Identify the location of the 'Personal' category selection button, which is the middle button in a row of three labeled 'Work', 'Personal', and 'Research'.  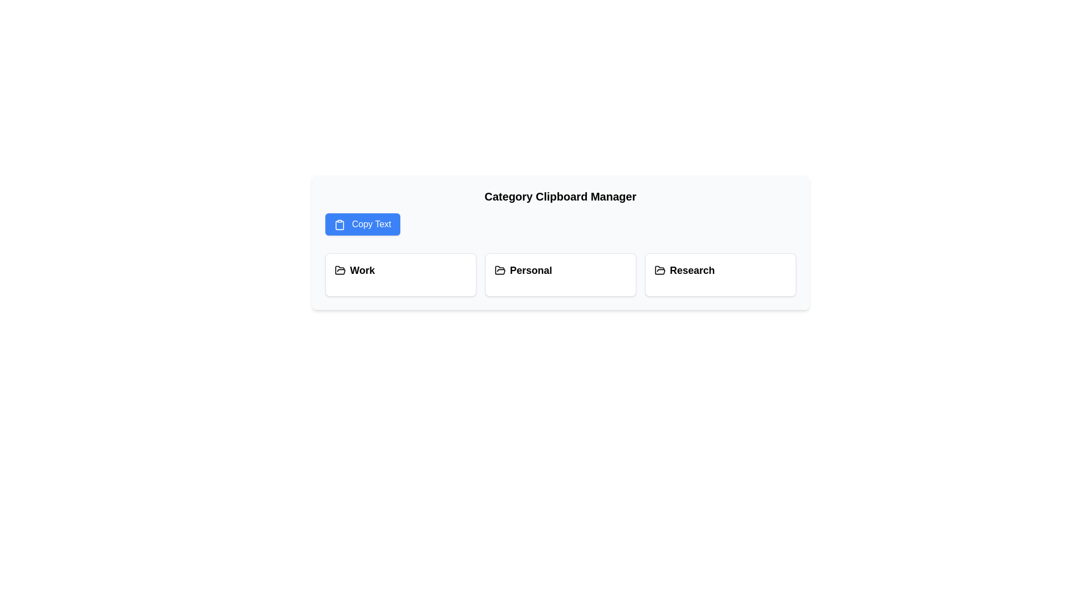
(560, 274).